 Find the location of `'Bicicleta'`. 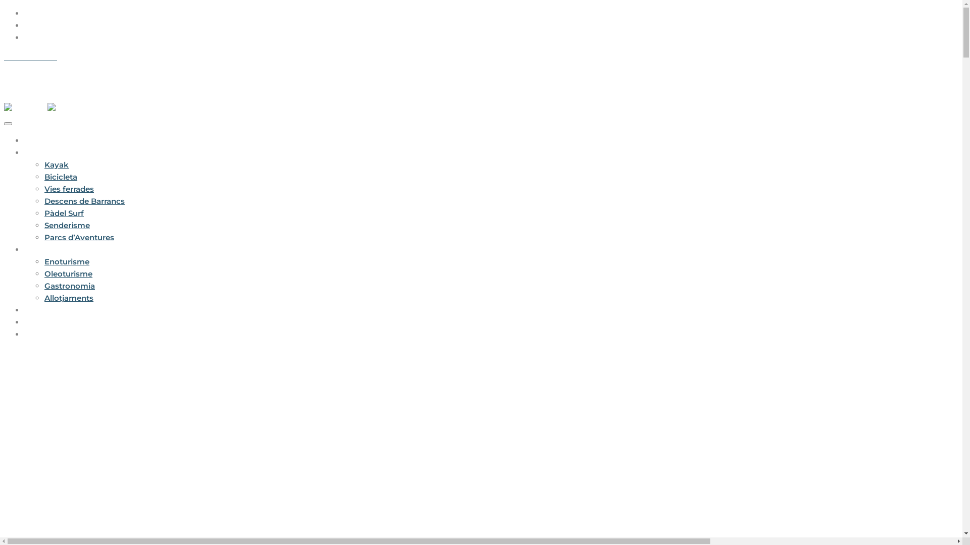

'Bicicleta' is located at coordinates (60, 176).